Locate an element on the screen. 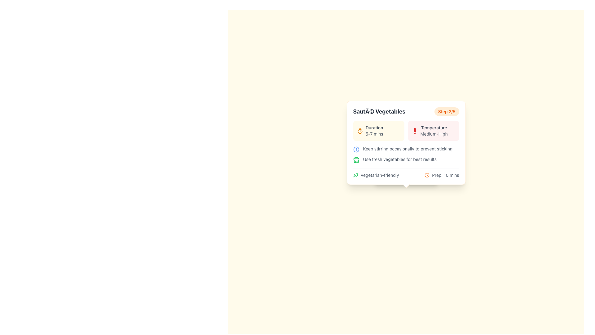 The width and height of the screenshot is (595, 335). the middle of the chef's hat icon located in the bottom-left corner of the cooking steps card, which indicates 'Vegetarian friendly' is located at coordinates (383, 177).